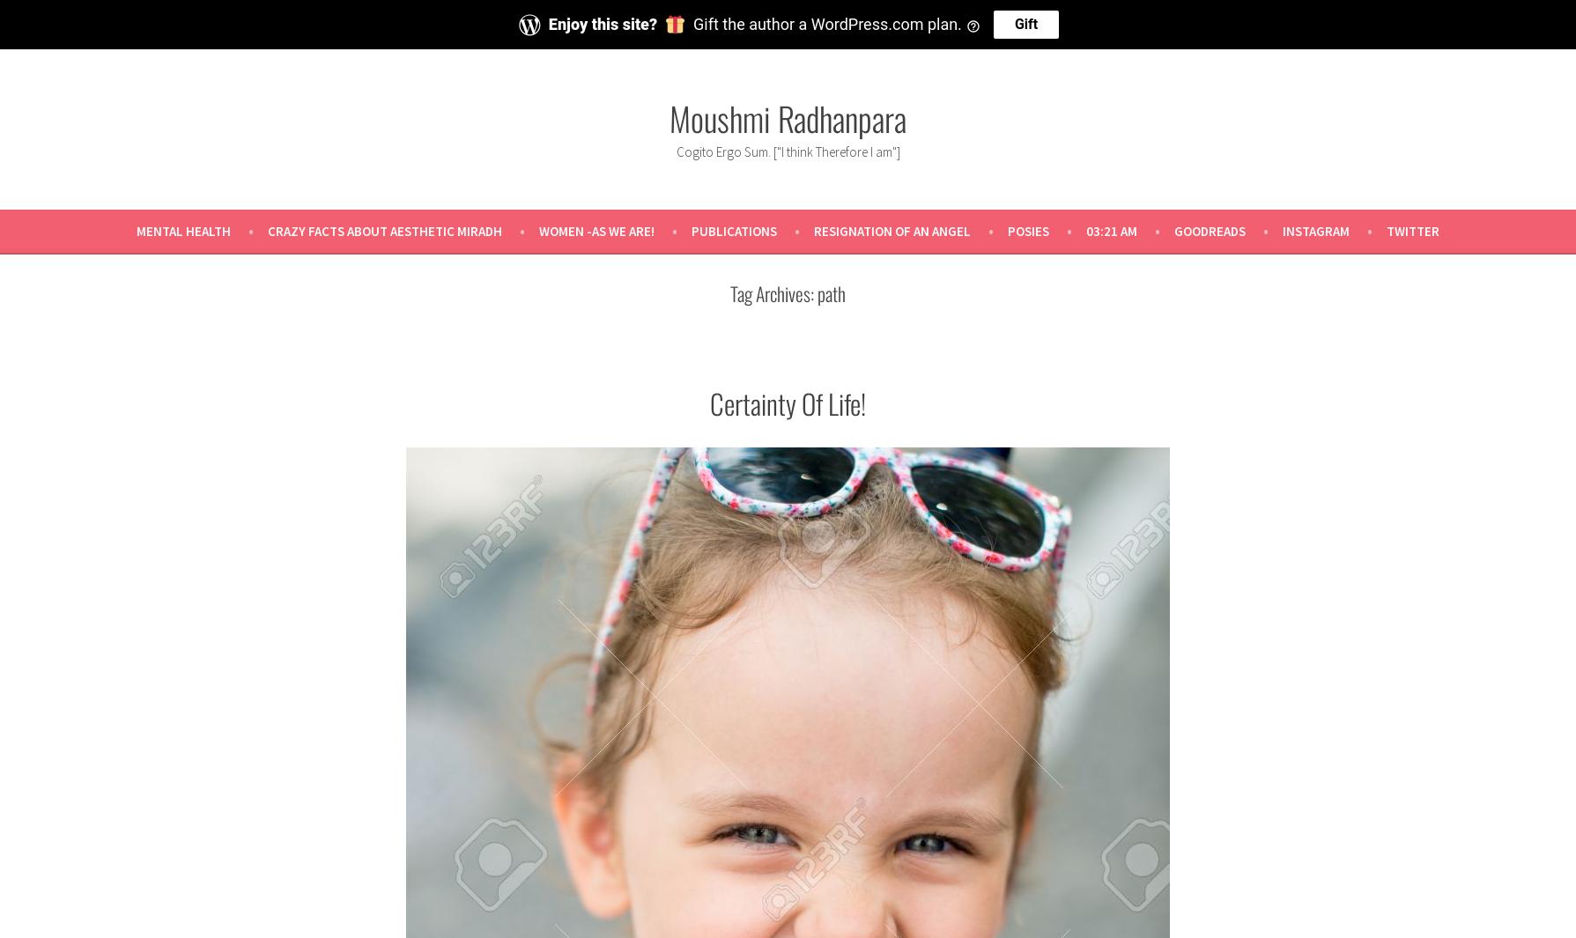 The image size is (1576, 938). I want to click on 'Instagram', so click(1283, 229).